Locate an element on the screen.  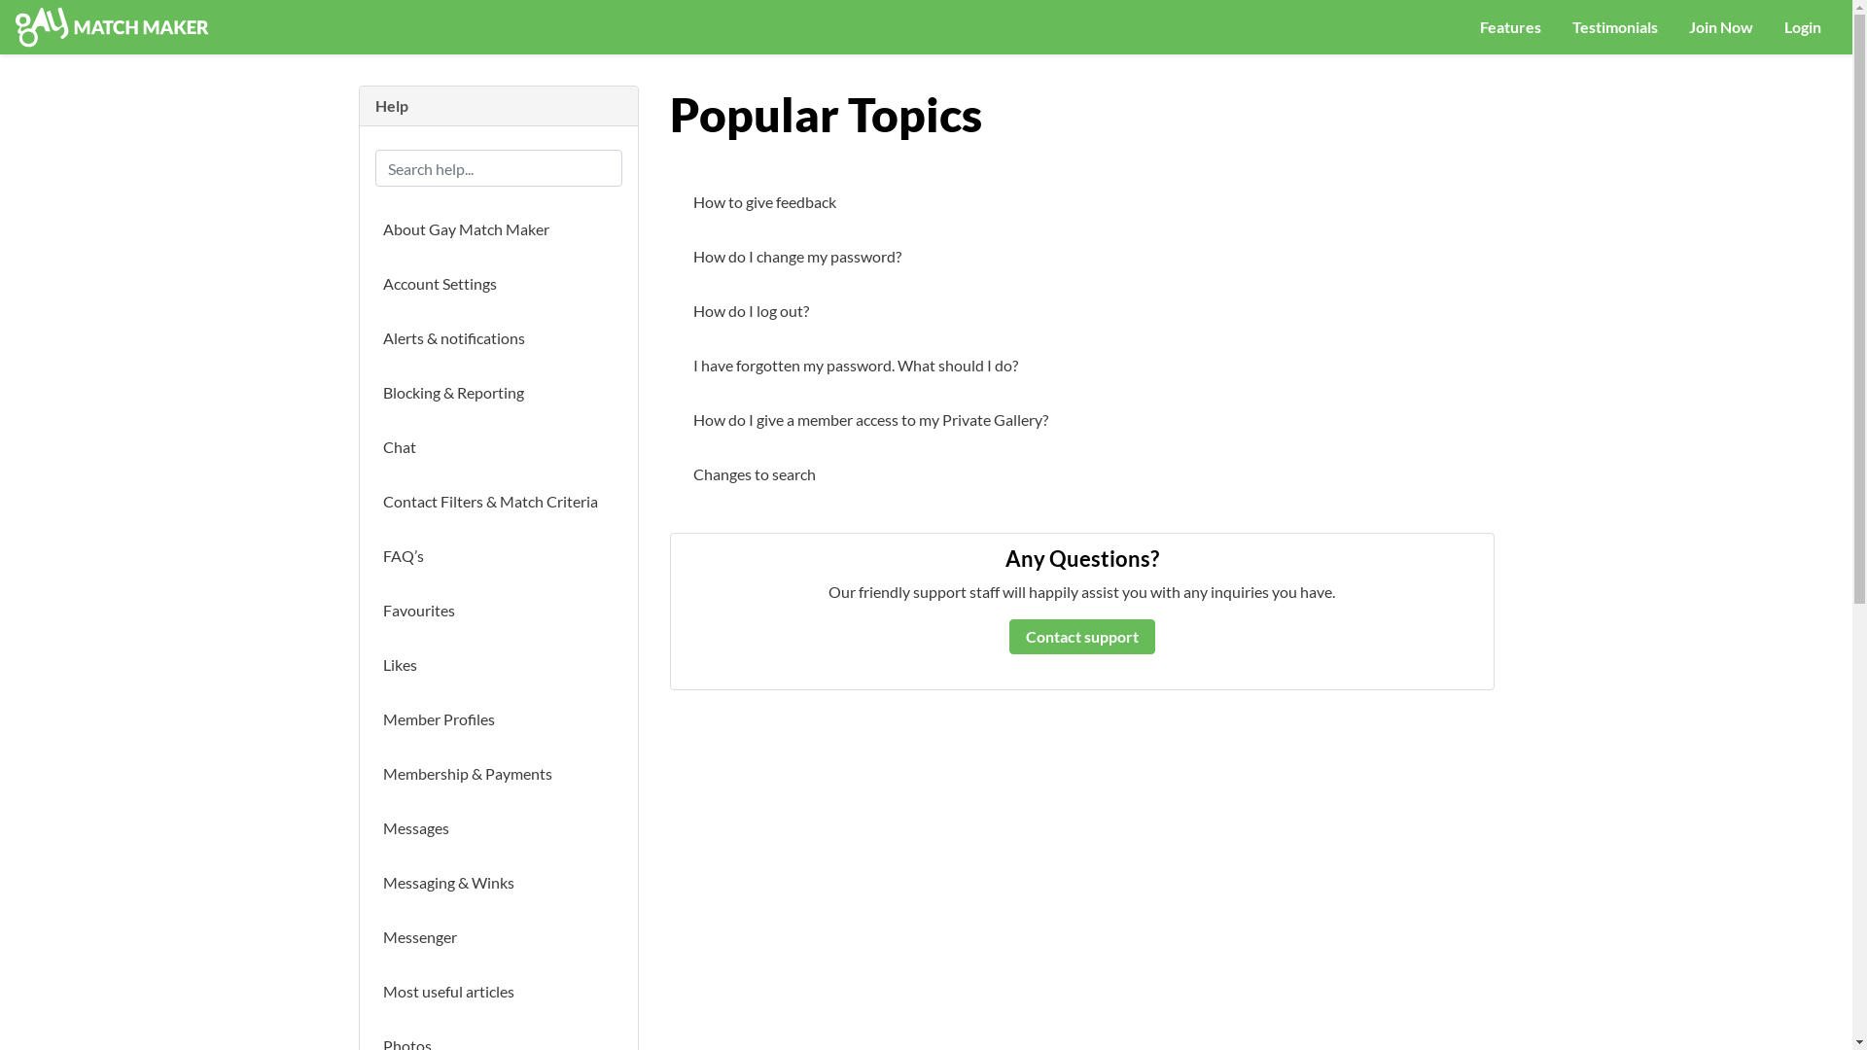
'Alerts & notifications' is located at coordinates (499, 336).